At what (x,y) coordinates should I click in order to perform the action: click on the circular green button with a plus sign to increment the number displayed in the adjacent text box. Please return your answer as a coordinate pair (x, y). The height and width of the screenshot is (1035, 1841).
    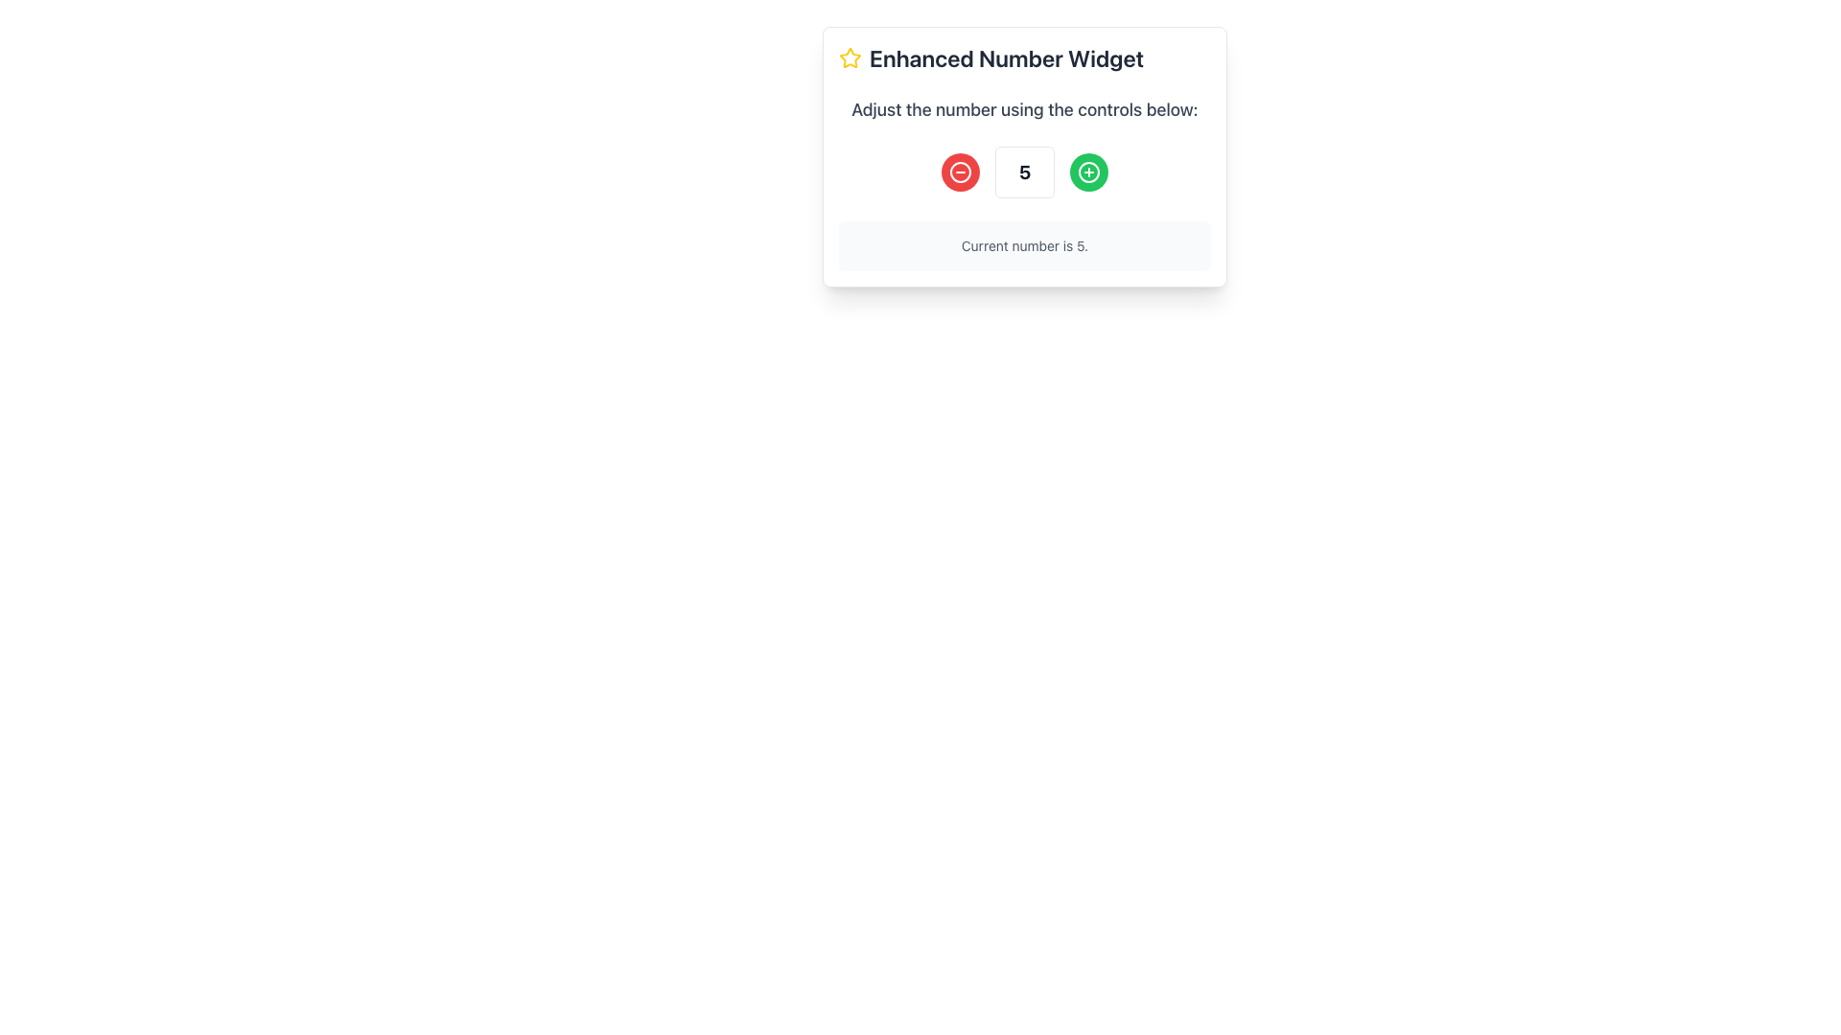
    Looking at the image, I should click on (1089, 172).